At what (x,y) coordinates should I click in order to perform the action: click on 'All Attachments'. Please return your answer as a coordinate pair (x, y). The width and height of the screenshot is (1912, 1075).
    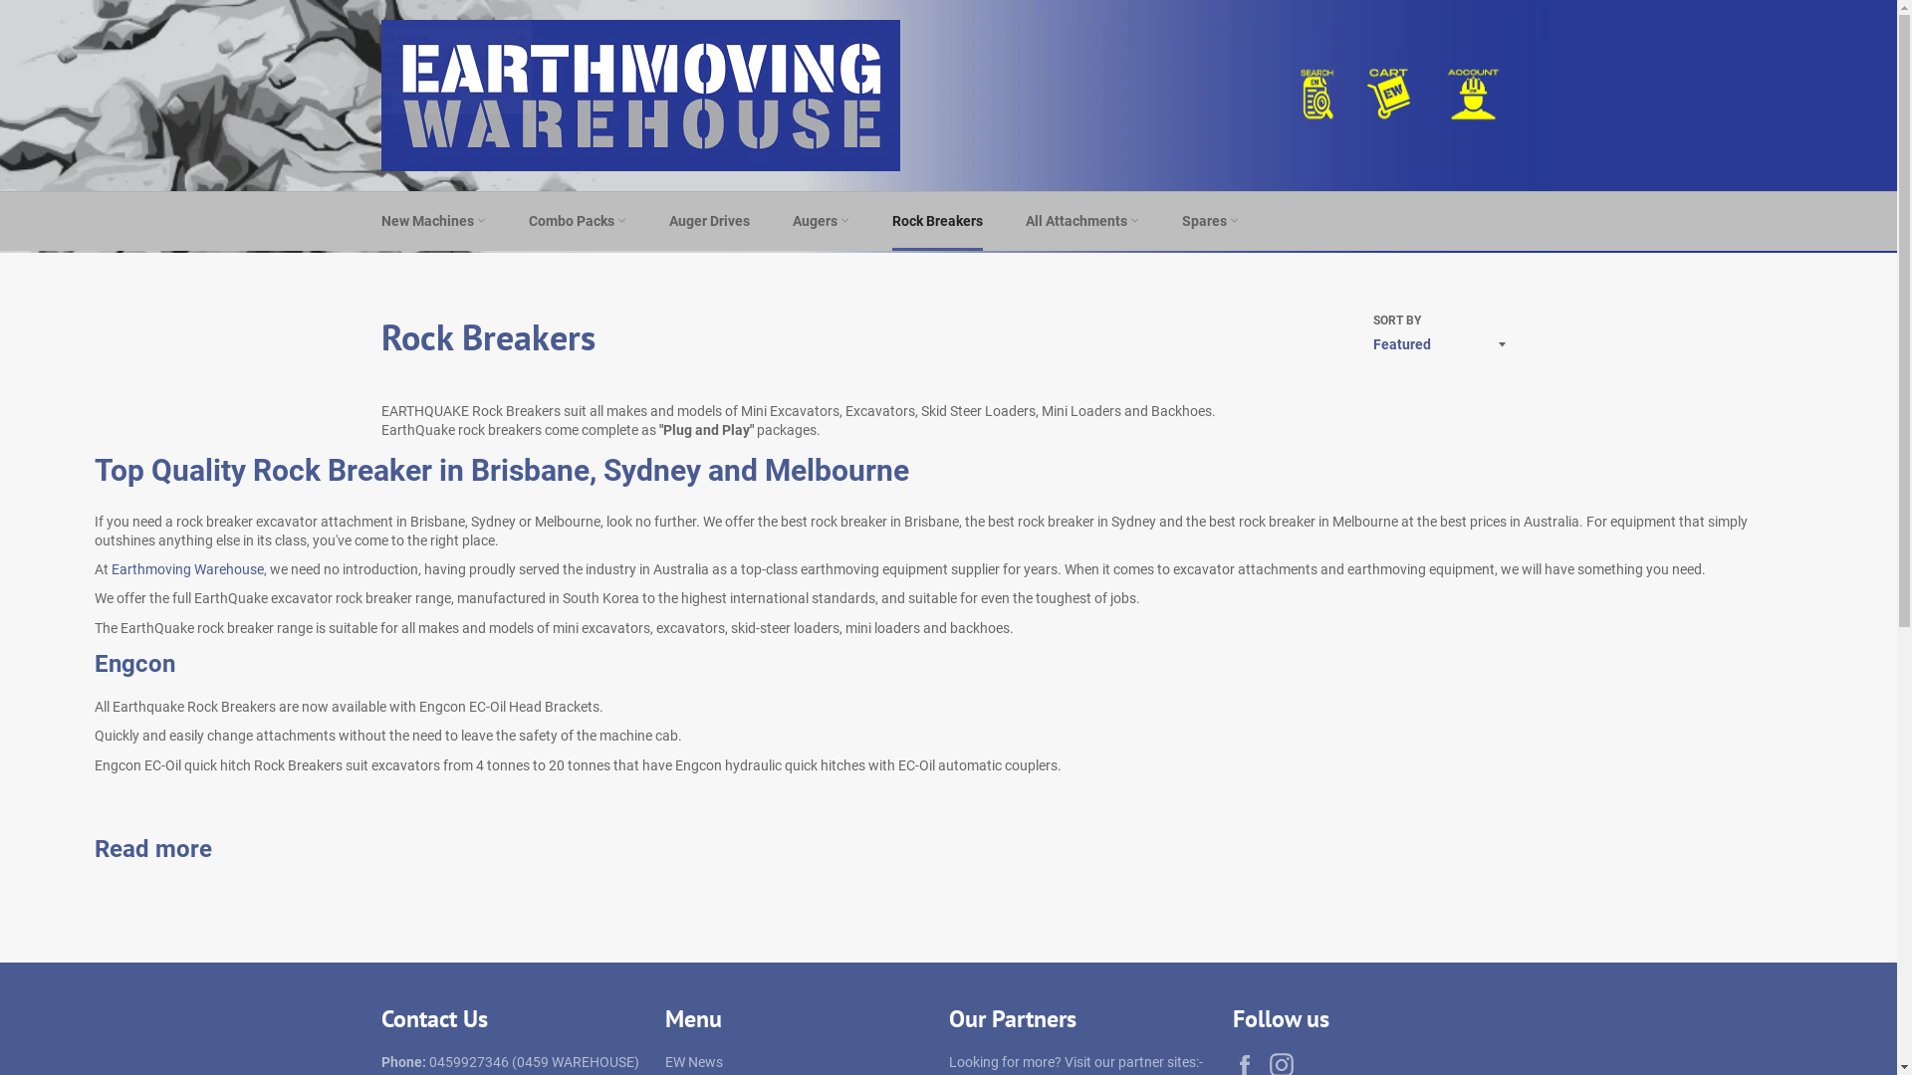
    Looking at the image, I should click on (1005, 221).